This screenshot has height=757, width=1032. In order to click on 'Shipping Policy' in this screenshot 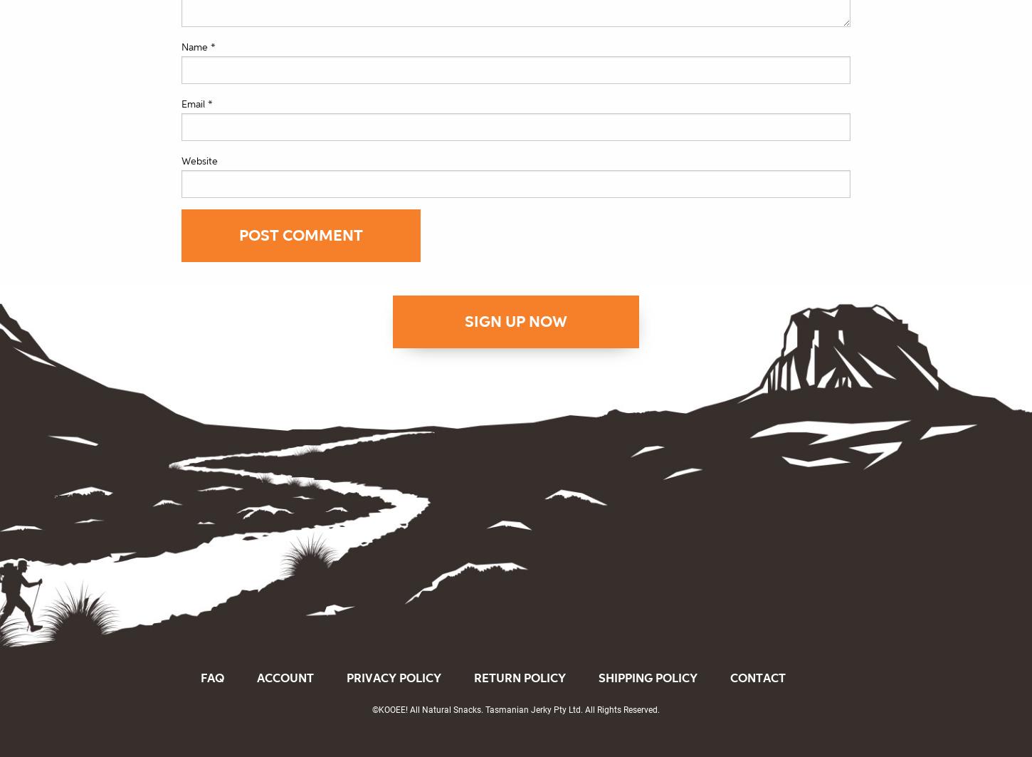, I will do `click(647, 677)`.